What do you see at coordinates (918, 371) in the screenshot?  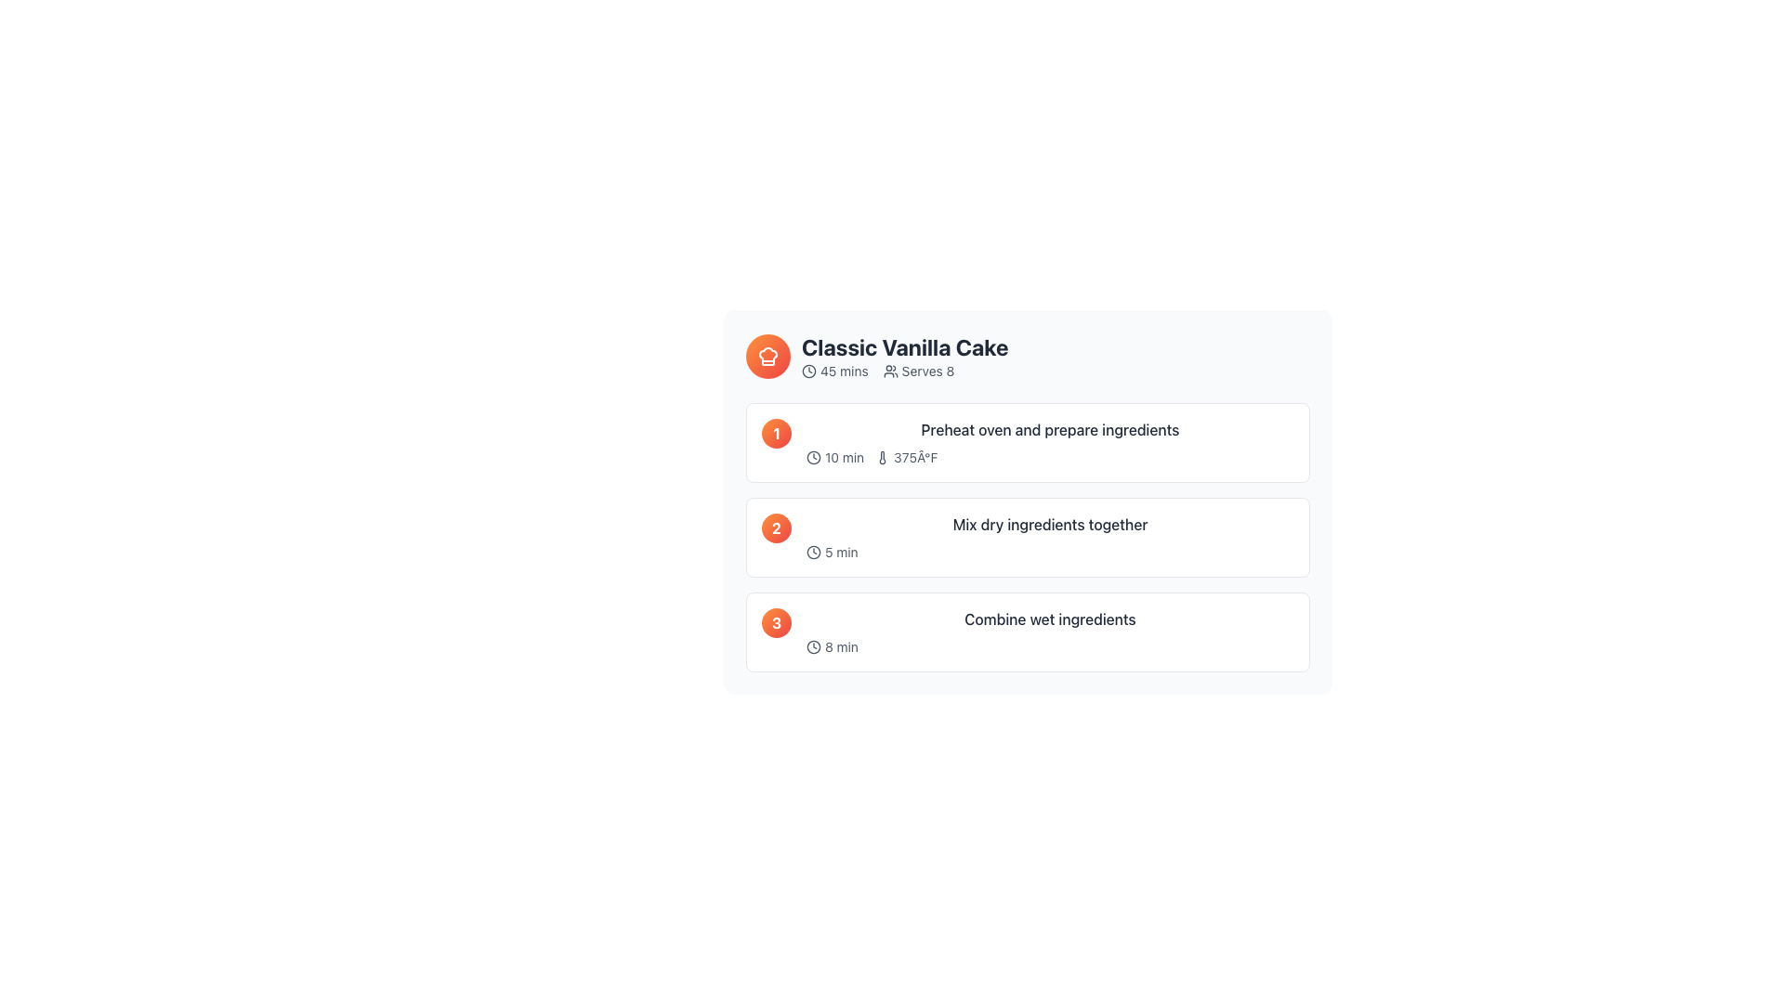 I see `the informational label that indicates the number of servings for the recipe, located near the title 'Classic Vanilla Cake' and following the prep time indicator ('45 mins')` at bounding box center [918, 371].